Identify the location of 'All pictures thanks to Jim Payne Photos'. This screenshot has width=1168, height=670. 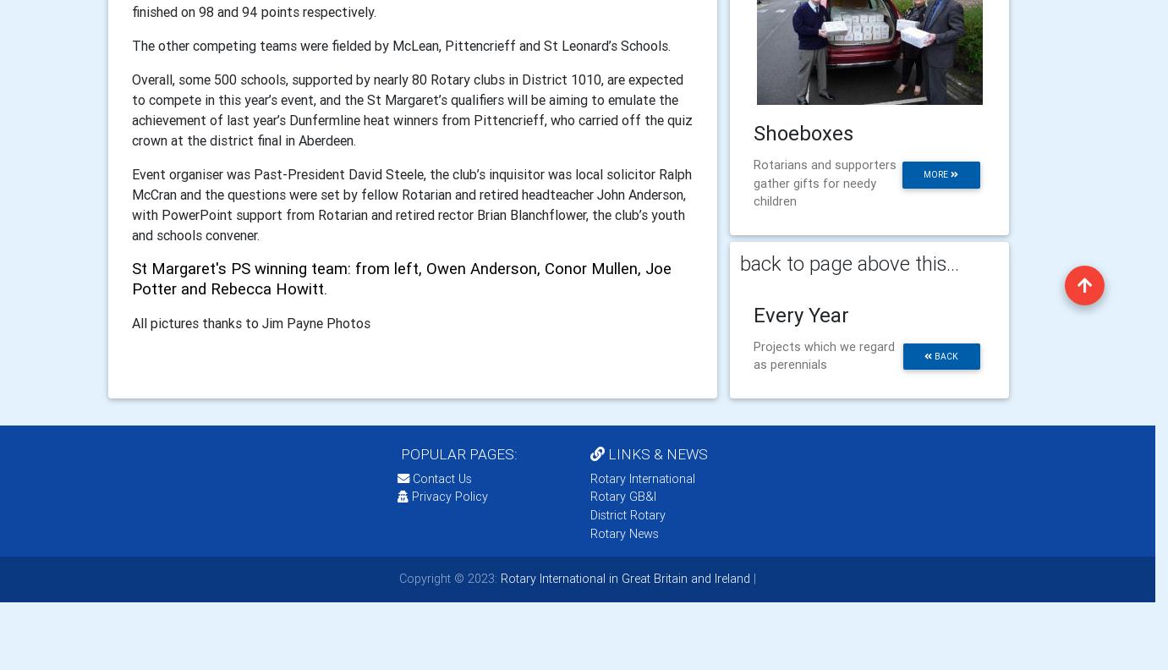
(251, 322).